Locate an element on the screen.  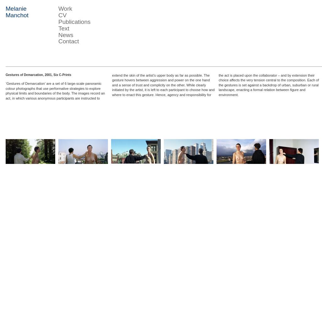
'Melanie' is located at coordinates (16, 8).